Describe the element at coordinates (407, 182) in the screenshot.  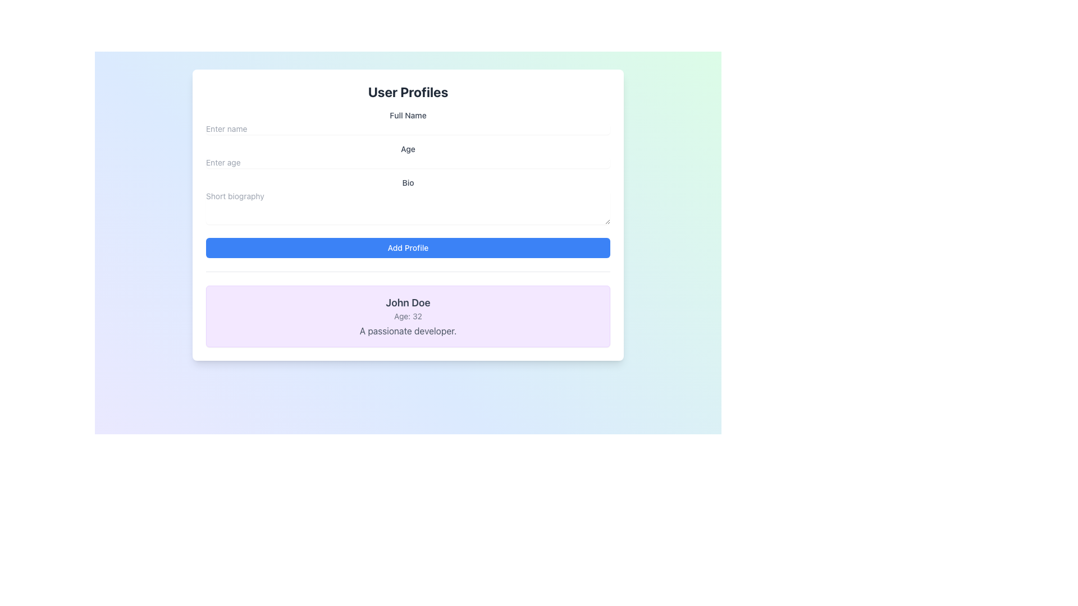
I see `the static text label displaying 'Bio', which is styled in a medium-weight sans-serif font and positioned above the biography text input field` at that location.